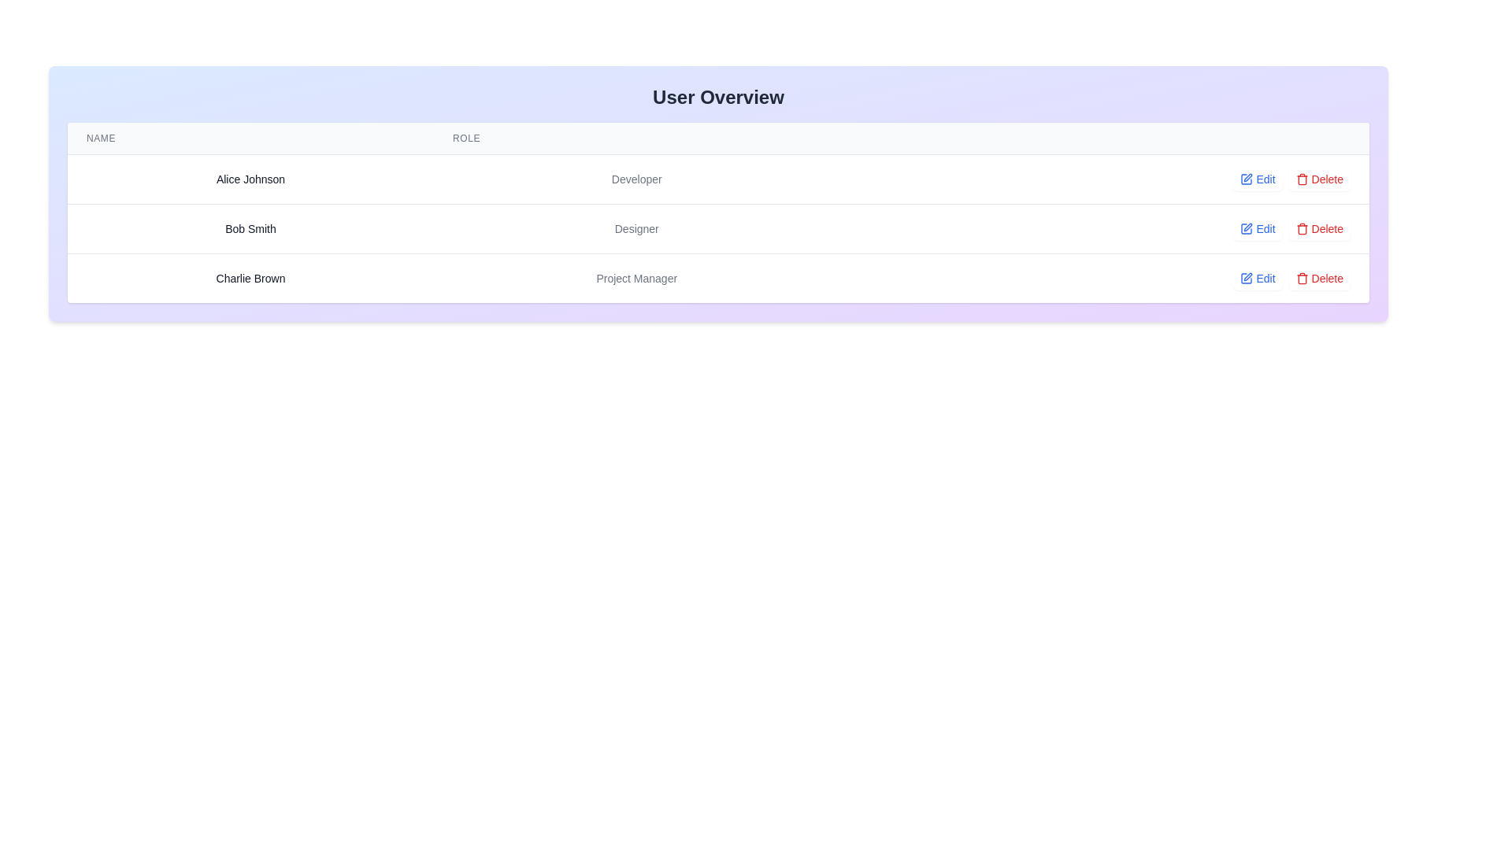 The width and height of the screenshot is (1512, 850). Describe the element at coordinates (717, 178) in the screenshot. I see `the first user entry row in the table using keyboard for accessibility, which displays the user's name and role, positioned below the table header and above the next entry for 'Bob Smith'` at that location.